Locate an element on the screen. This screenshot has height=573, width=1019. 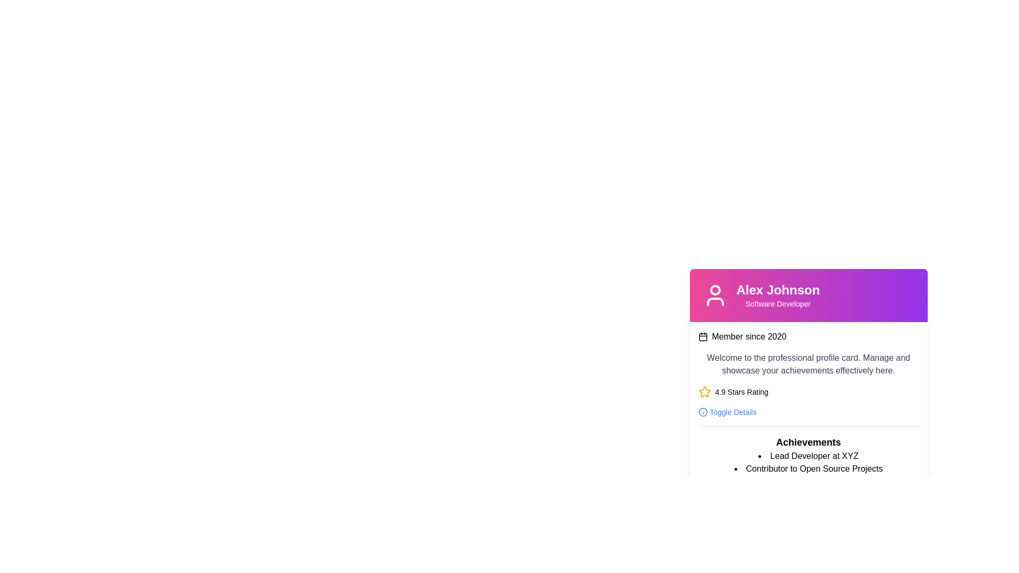
the small calendar icon located to the left of the text 'Member since 2020' is located at coordinates (703, 337).